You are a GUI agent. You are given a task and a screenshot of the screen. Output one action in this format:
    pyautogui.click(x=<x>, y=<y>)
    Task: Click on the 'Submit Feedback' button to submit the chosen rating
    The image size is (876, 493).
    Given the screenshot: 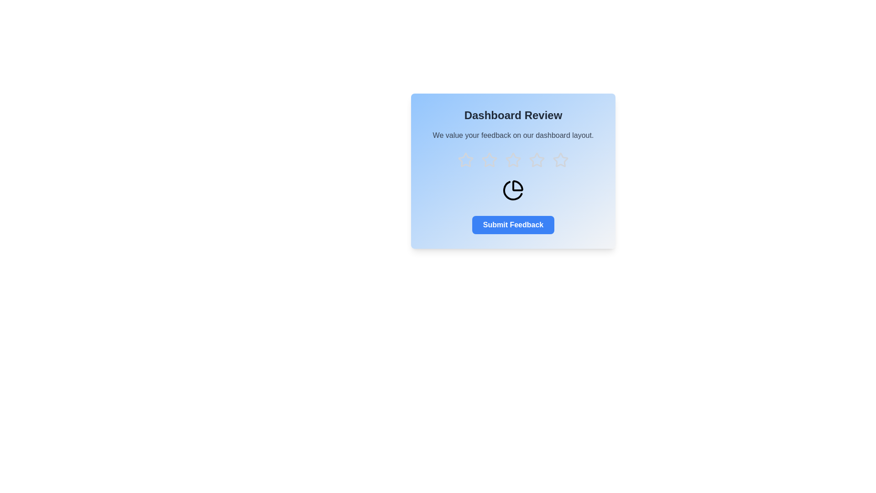 What is the action you would take?
    pyautogui.click(x=513, y=225)
    